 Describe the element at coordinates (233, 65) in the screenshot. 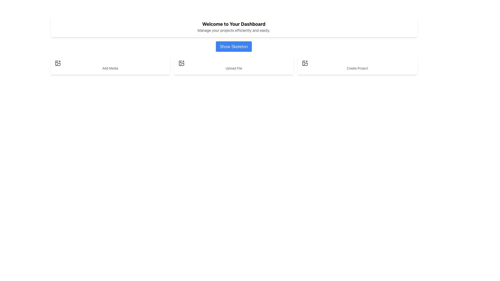

I see `the 'Upload File' card, which displays the text 'Upload File' in small gray font below a picture icon with a plus sign, to initiate a file upload process` at that location.